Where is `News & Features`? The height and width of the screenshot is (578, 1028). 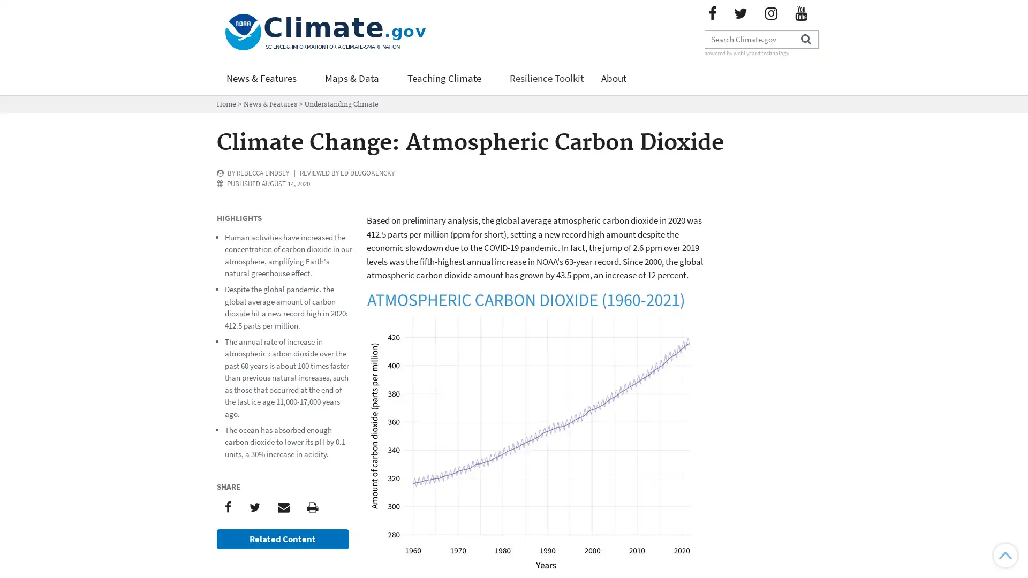
News & Features is located at coordinates (267, 78).